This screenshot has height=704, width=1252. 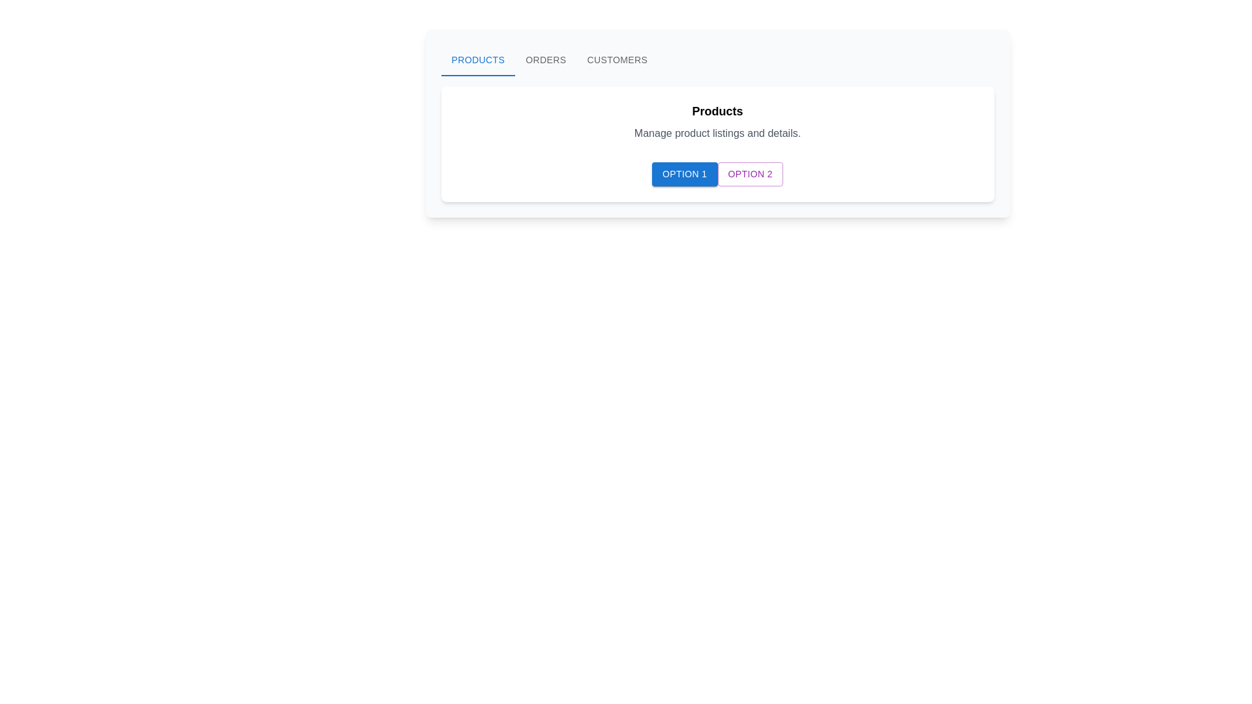 What do you see at coordinates (750, 173) in the screenshot?
I see `the button labeled 'Option 2', which has a rectangular shape, an outlined border, a light-colored background, and bold purple text, located in the central lower section of a card layout` at bounding box center [750, 173].